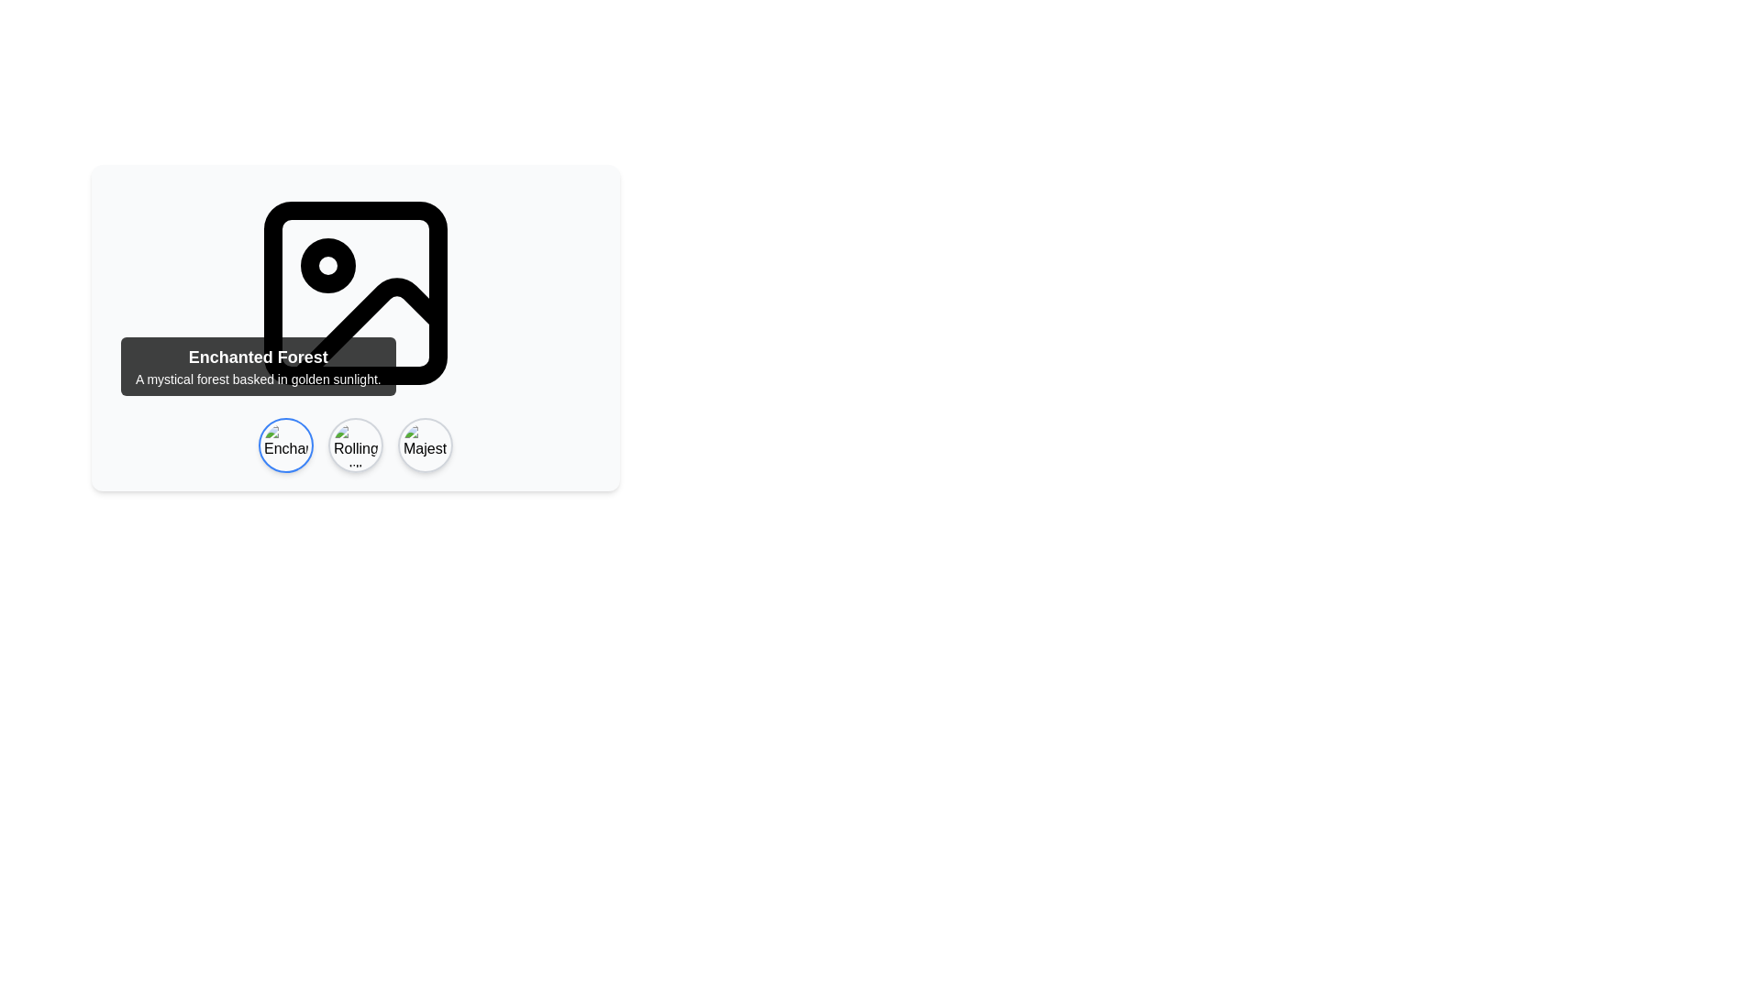 The height and width of the screenshot is (990, 1761). Describe the element at coordinates (285, 445) in the screenshot. I see `the circular image with a light blue and green abstract design, located below the title 'Enchanted Forest'` at that location.